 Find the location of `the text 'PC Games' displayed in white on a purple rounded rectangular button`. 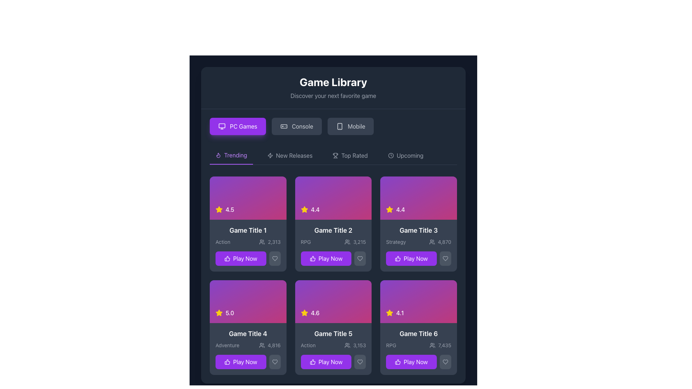

the text 'PC Games' displayed in white on a purple rounded rectangular button is located at coordinates (243, 126).